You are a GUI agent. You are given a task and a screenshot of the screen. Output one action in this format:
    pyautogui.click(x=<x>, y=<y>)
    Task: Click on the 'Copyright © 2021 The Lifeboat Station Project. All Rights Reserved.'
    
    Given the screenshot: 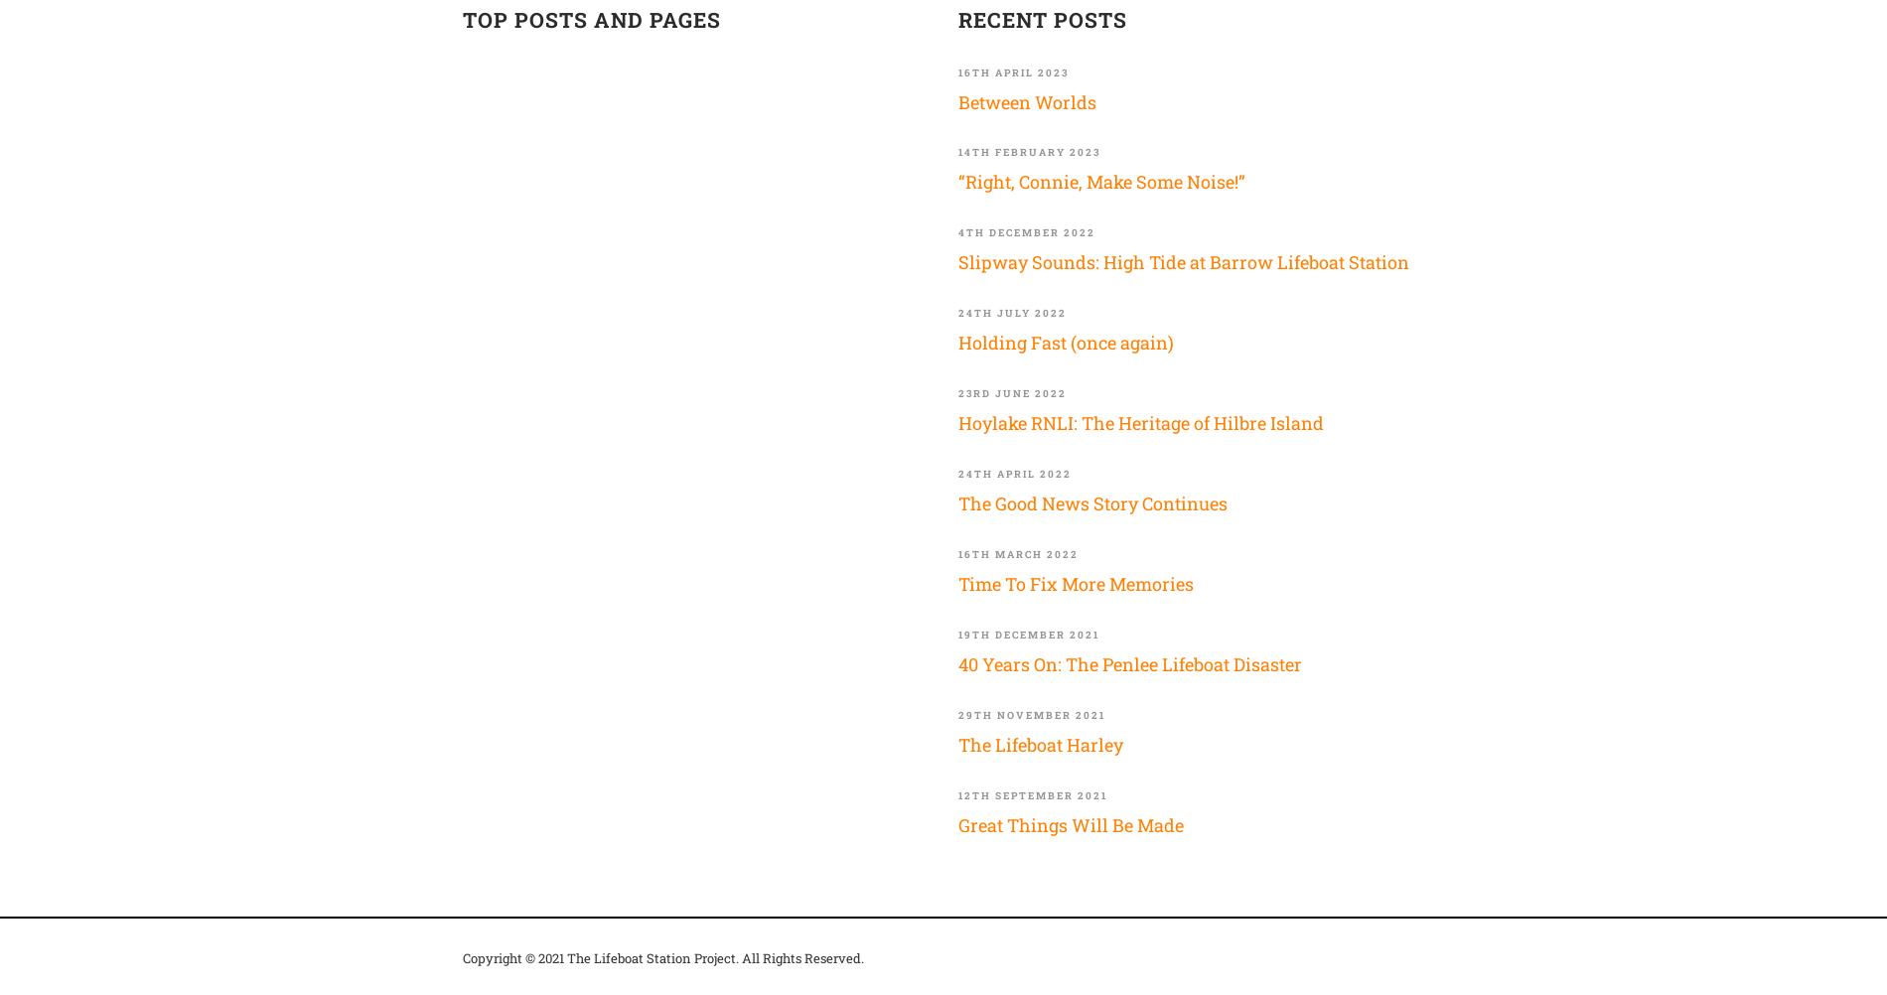 What is the action you would take?
    pyautogui.click(x=662, y=956)
    